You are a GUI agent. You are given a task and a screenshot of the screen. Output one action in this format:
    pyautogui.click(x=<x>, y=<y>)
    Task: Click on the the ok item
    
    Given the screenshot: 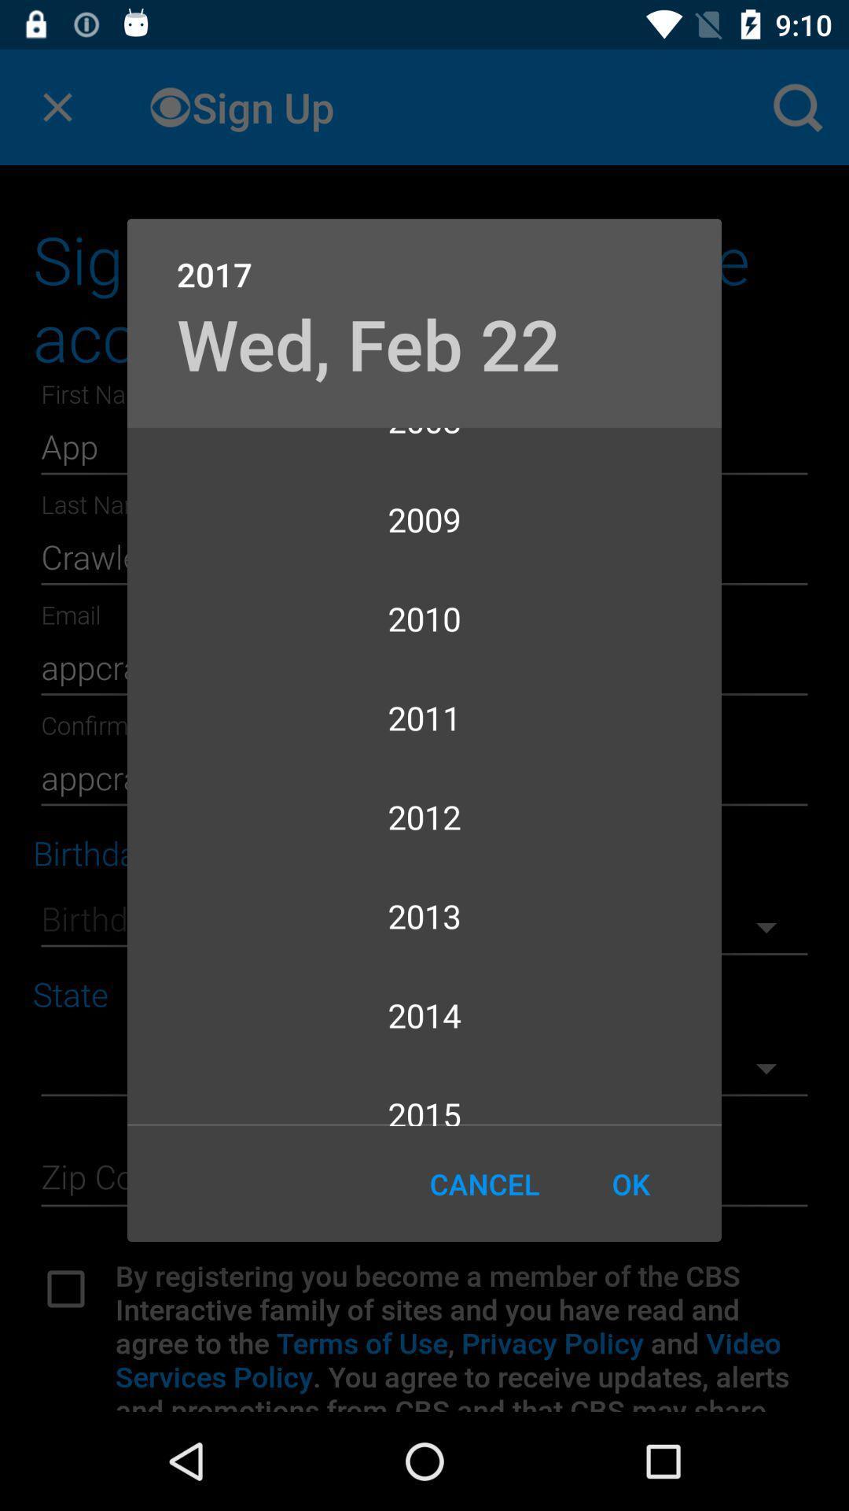 What is the action you would take?
    pyautogui.click(x=630, y=1184)
    